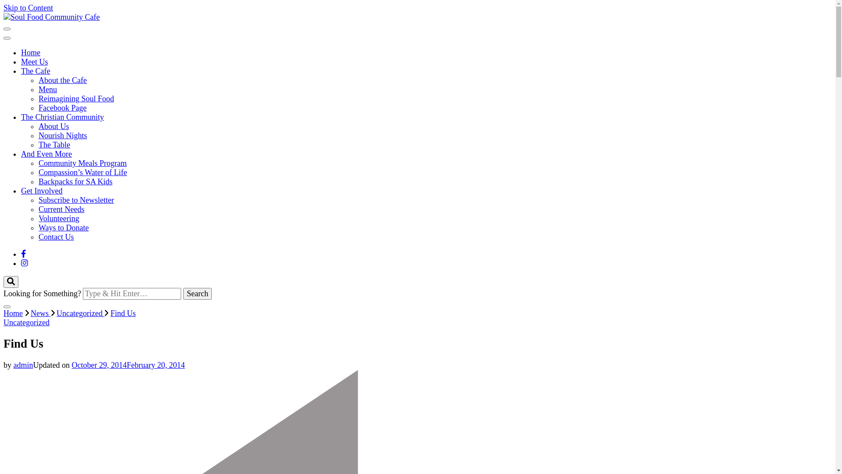 The image size is (842, 474). What do you see at coordinates (13, 365) in the screenshot?
I see `'admin'` at bounding box center [13, 365].